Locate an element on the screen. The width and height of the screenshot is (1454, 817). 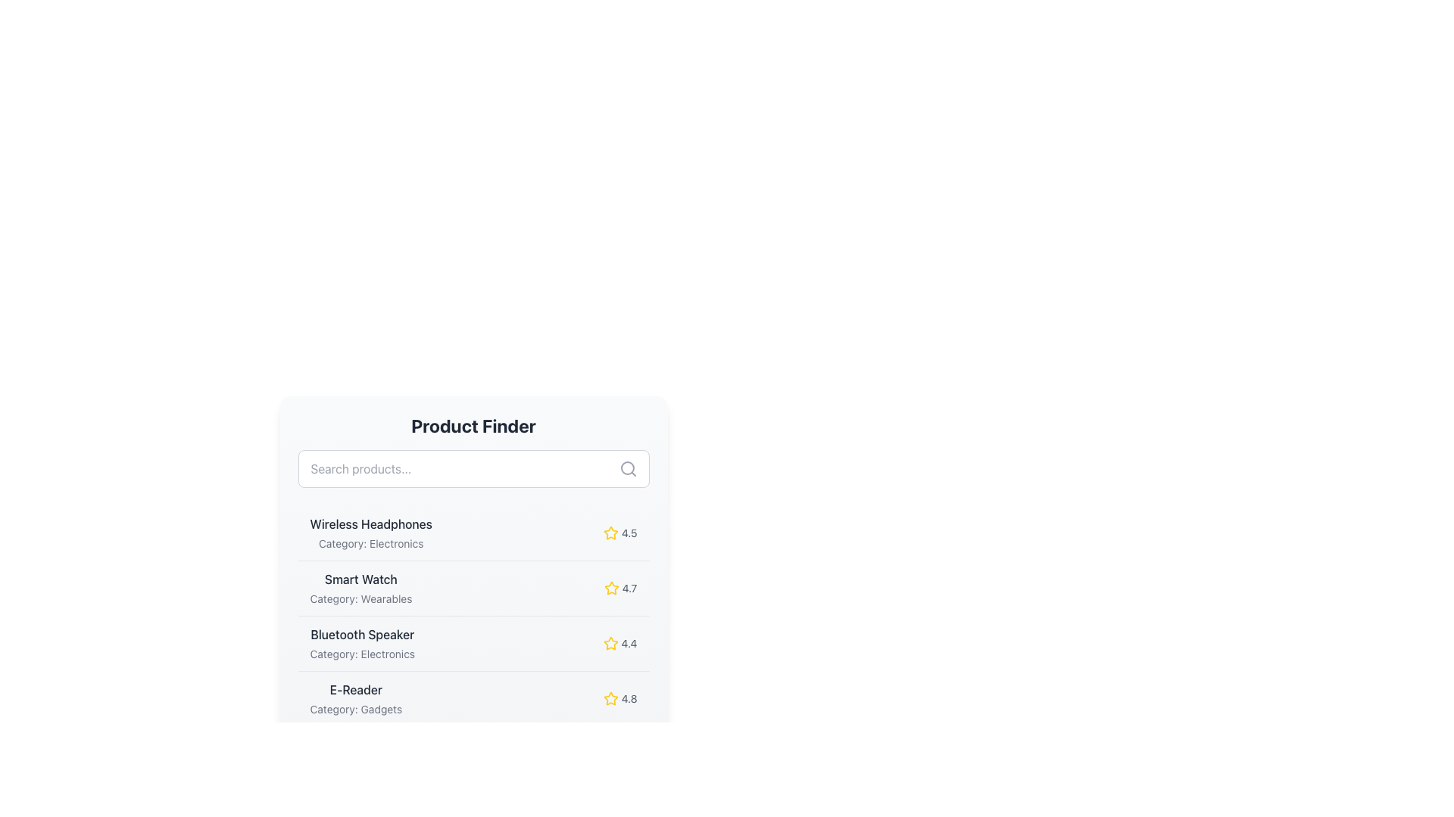
text label displaying 'E-Reader', which is styled in a medium-sized, bold font and is part of a vertical list of product names is located at coordinates (355, 689).